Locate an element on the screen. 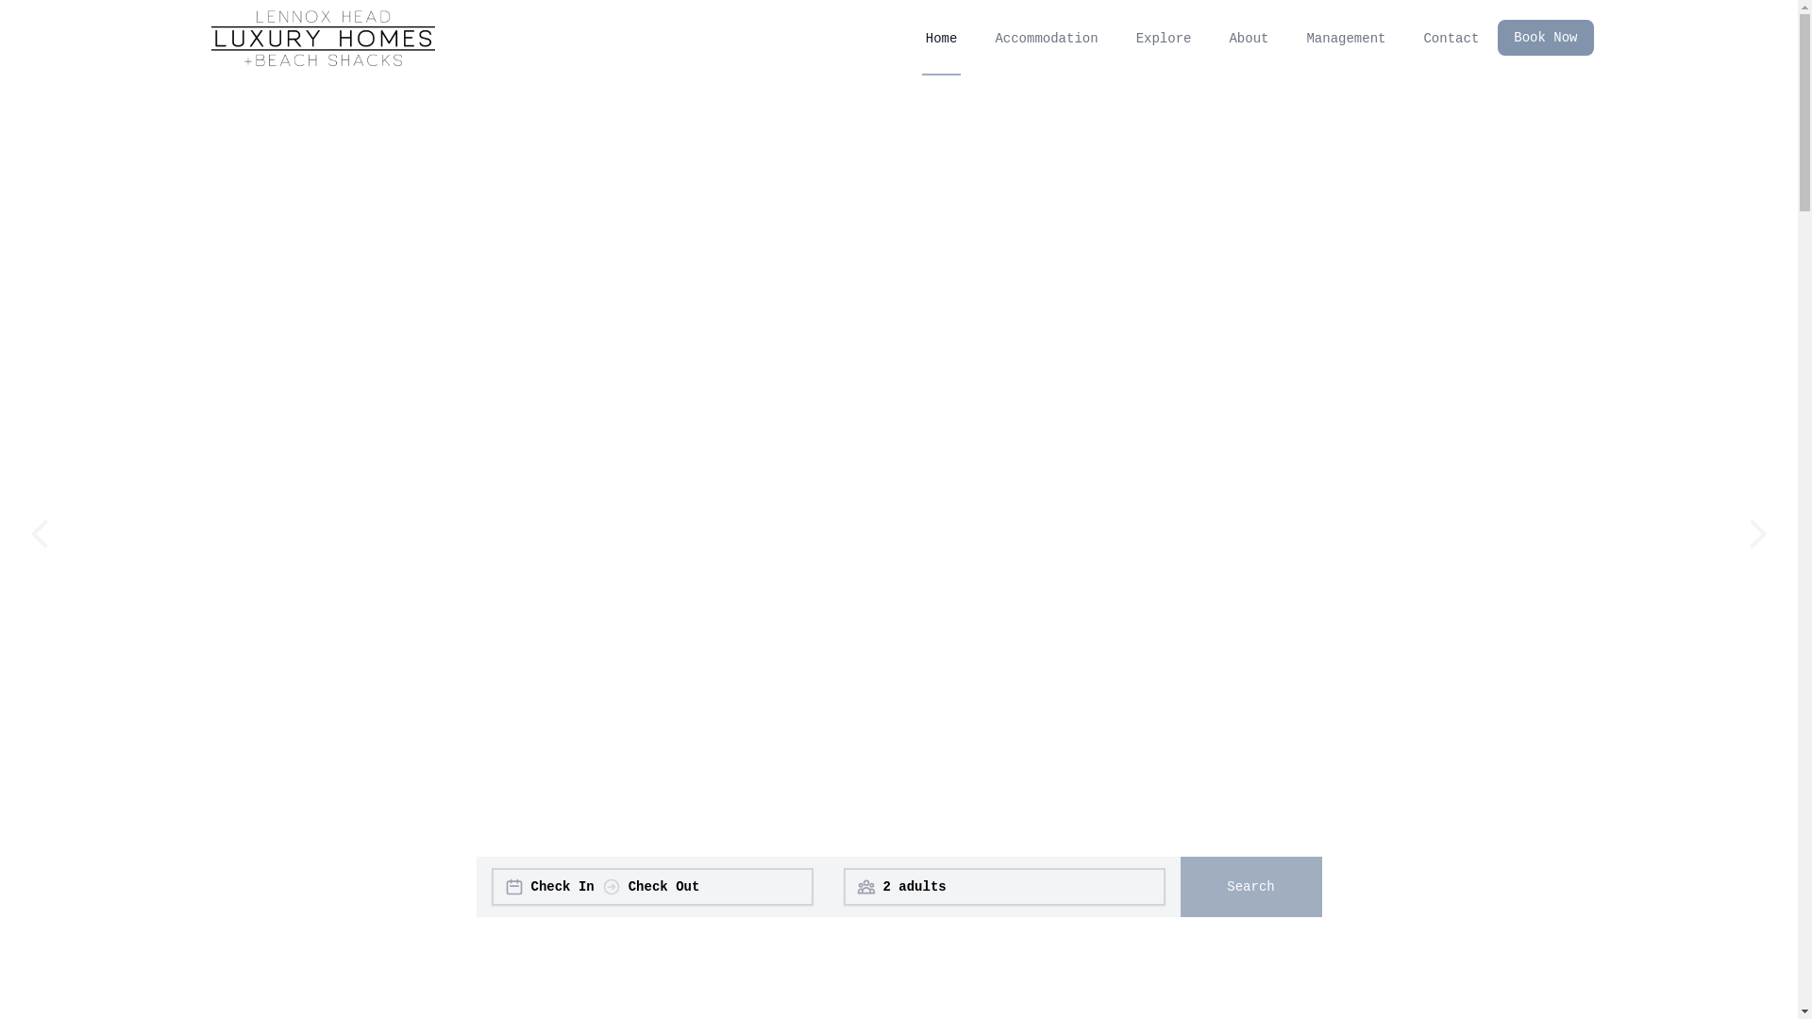  'Book Now' is located at coordinates (1545, 37).